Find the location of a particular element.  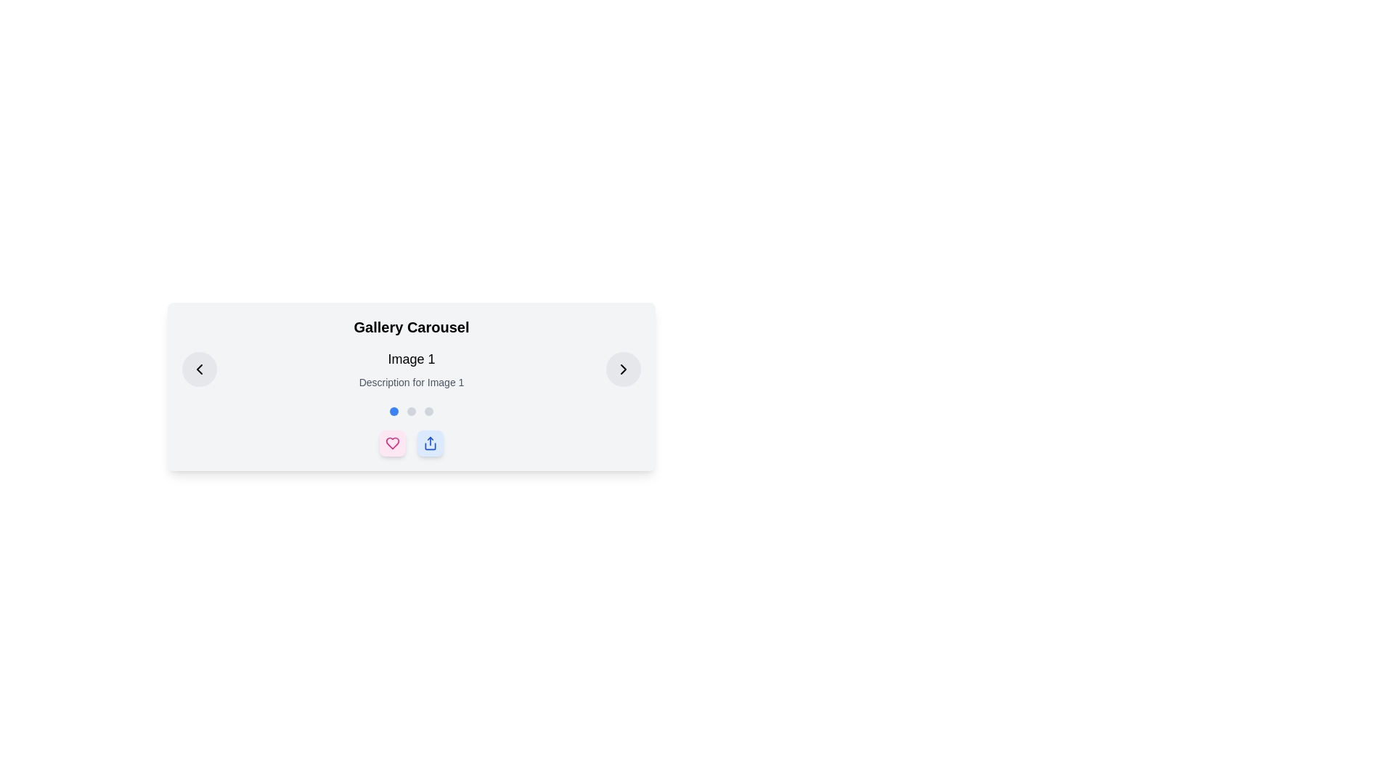

the heart-shaped icon located at the center of the lower section of the card-like interface is located at coordinates (393, 442).